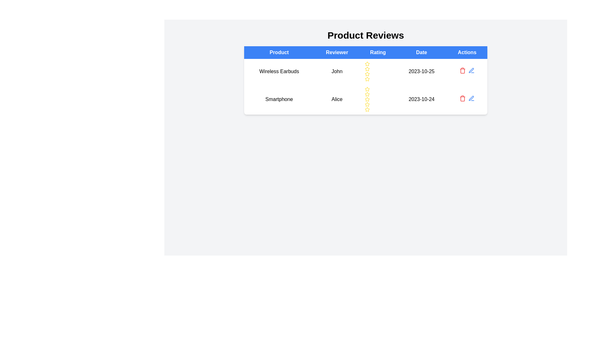 The image size is (608, 342). Describe the element at coordinates (367, 104) in the screenshot. I see `the yellow star icon with a hollow center in the Rating column, second row under the Smartphone product entry to trigger a tooltip` at that location.